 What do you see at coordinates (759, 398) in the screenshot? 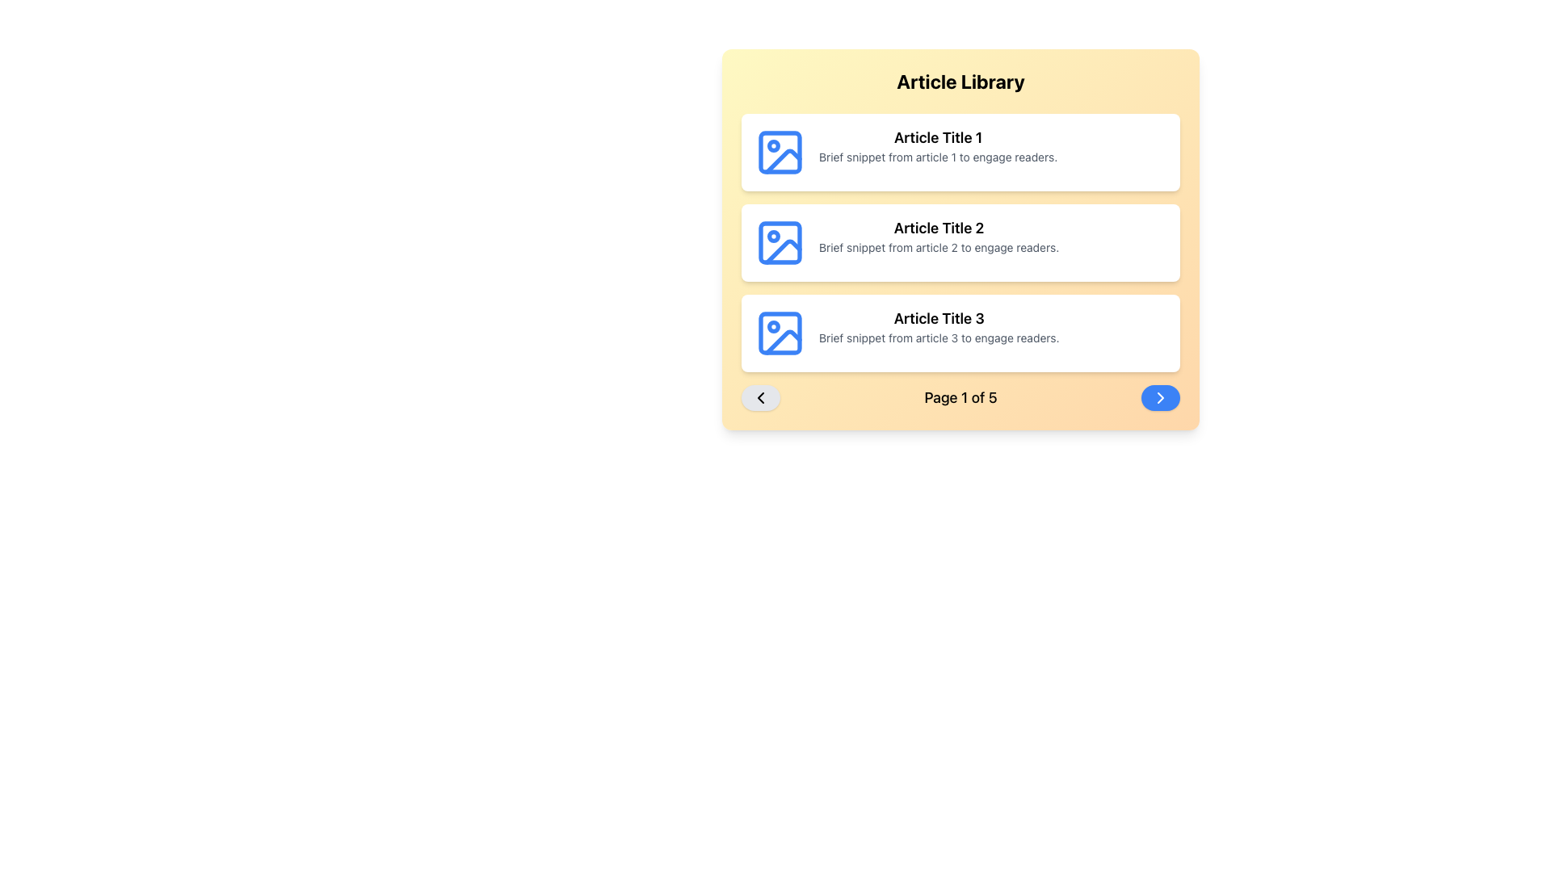
I see `the navigation icon located to the left of the bottom navigation panel, which is part of the pagination control group` at bounding box center [759, 398].